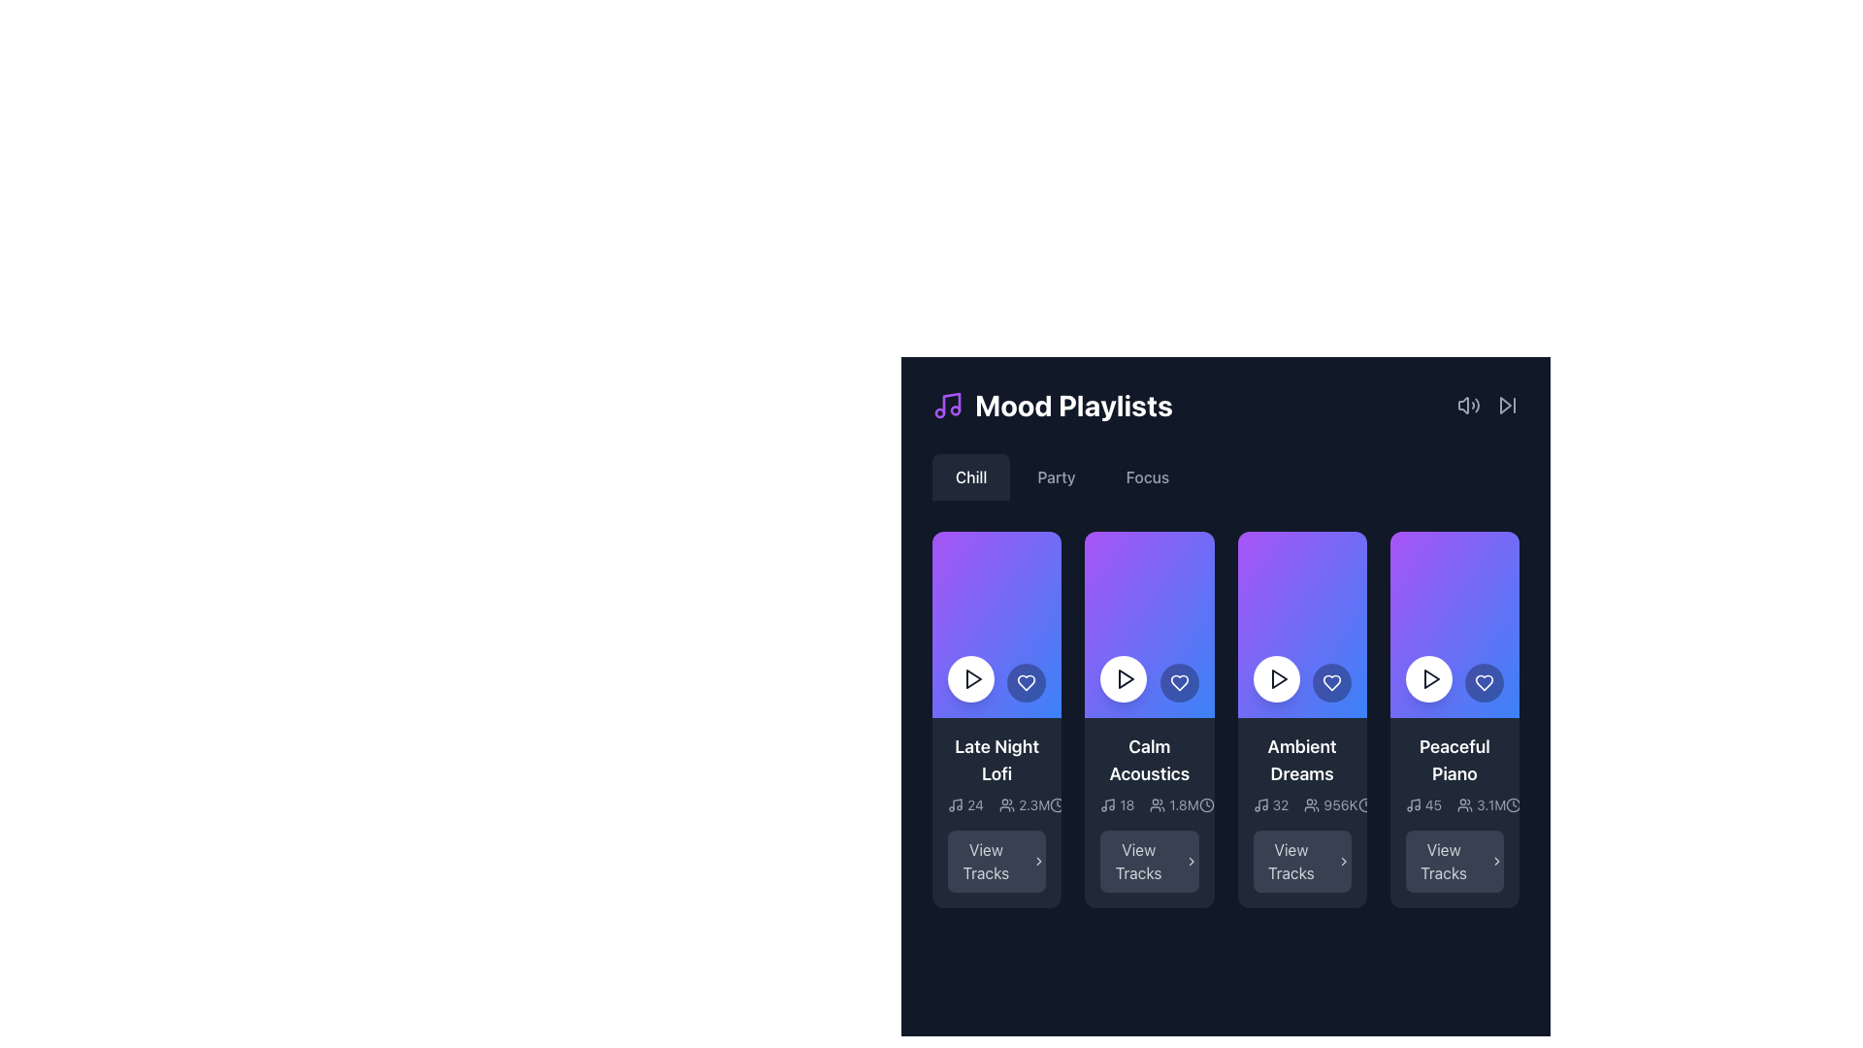 Image resolution: width=1863 pixels, height=1048 pixels. What do you see at coordinates (1173, 804) in the screenshot?
I see `the text '1.8M' and icon combination located in the third card from the left under the 'Calm Acoustics' heading, positioned above the 'View Tracks' button` at bounding box center [1173, 804].